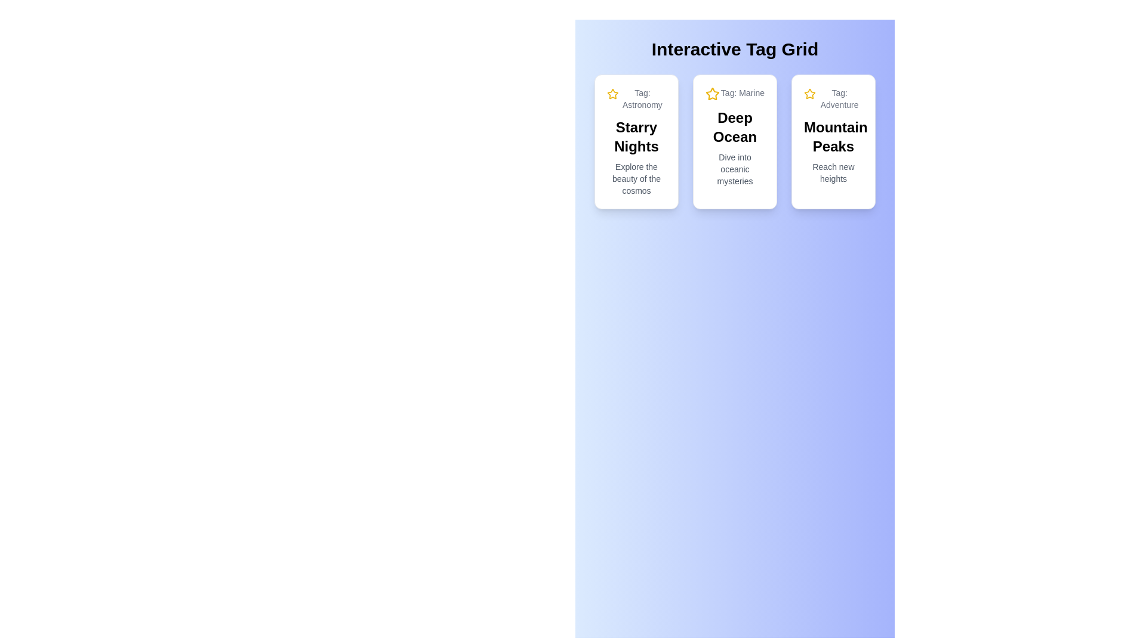  I want to click on the yellow outlined star icon located to the left of the 'Tag: Marine' title in the 'Deep Ocean' card, so click(713, 94).